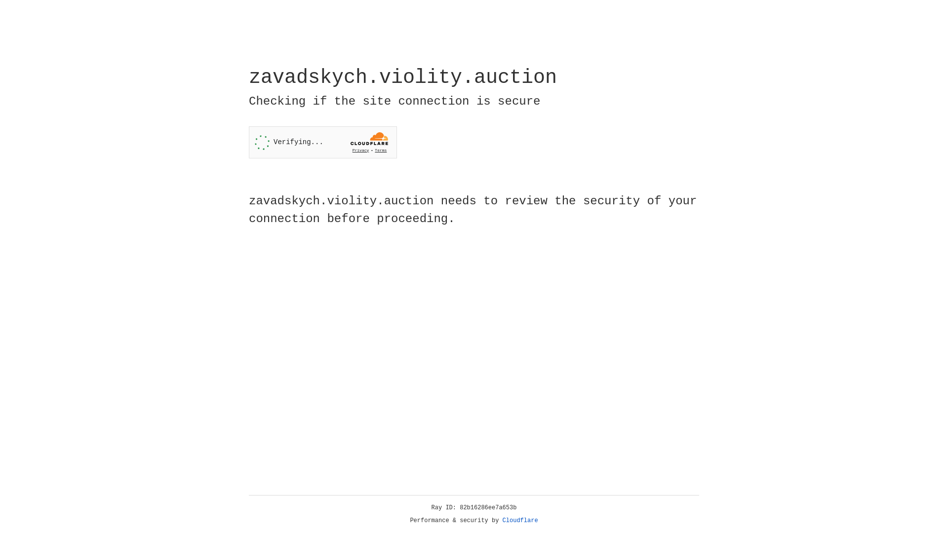  Describe the element at coordinates (322, 142) in the screenshot. I see `'Widget containing a Cloudflare security challenge'` at that location.